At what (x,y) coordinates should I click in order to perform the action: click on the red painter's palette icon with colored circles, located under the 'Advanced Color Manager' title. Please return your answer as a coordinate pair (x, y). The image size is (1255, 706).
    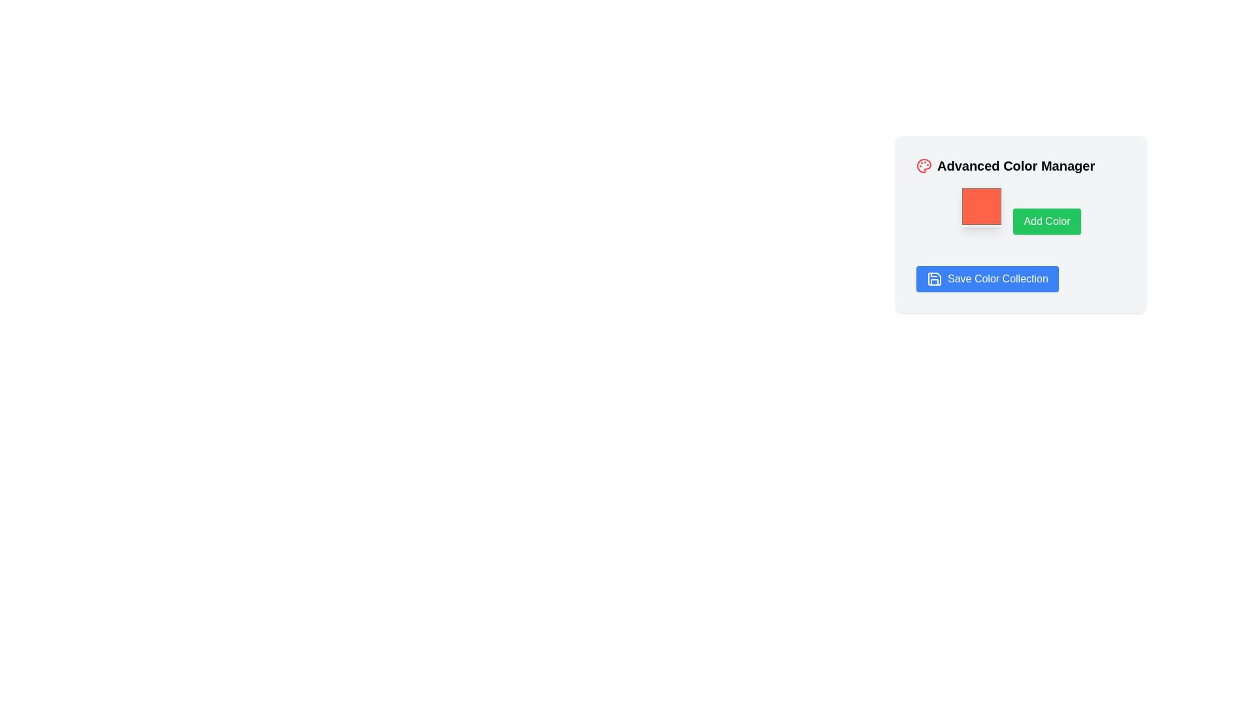
    Looking at the image, I should click on (924, 165).